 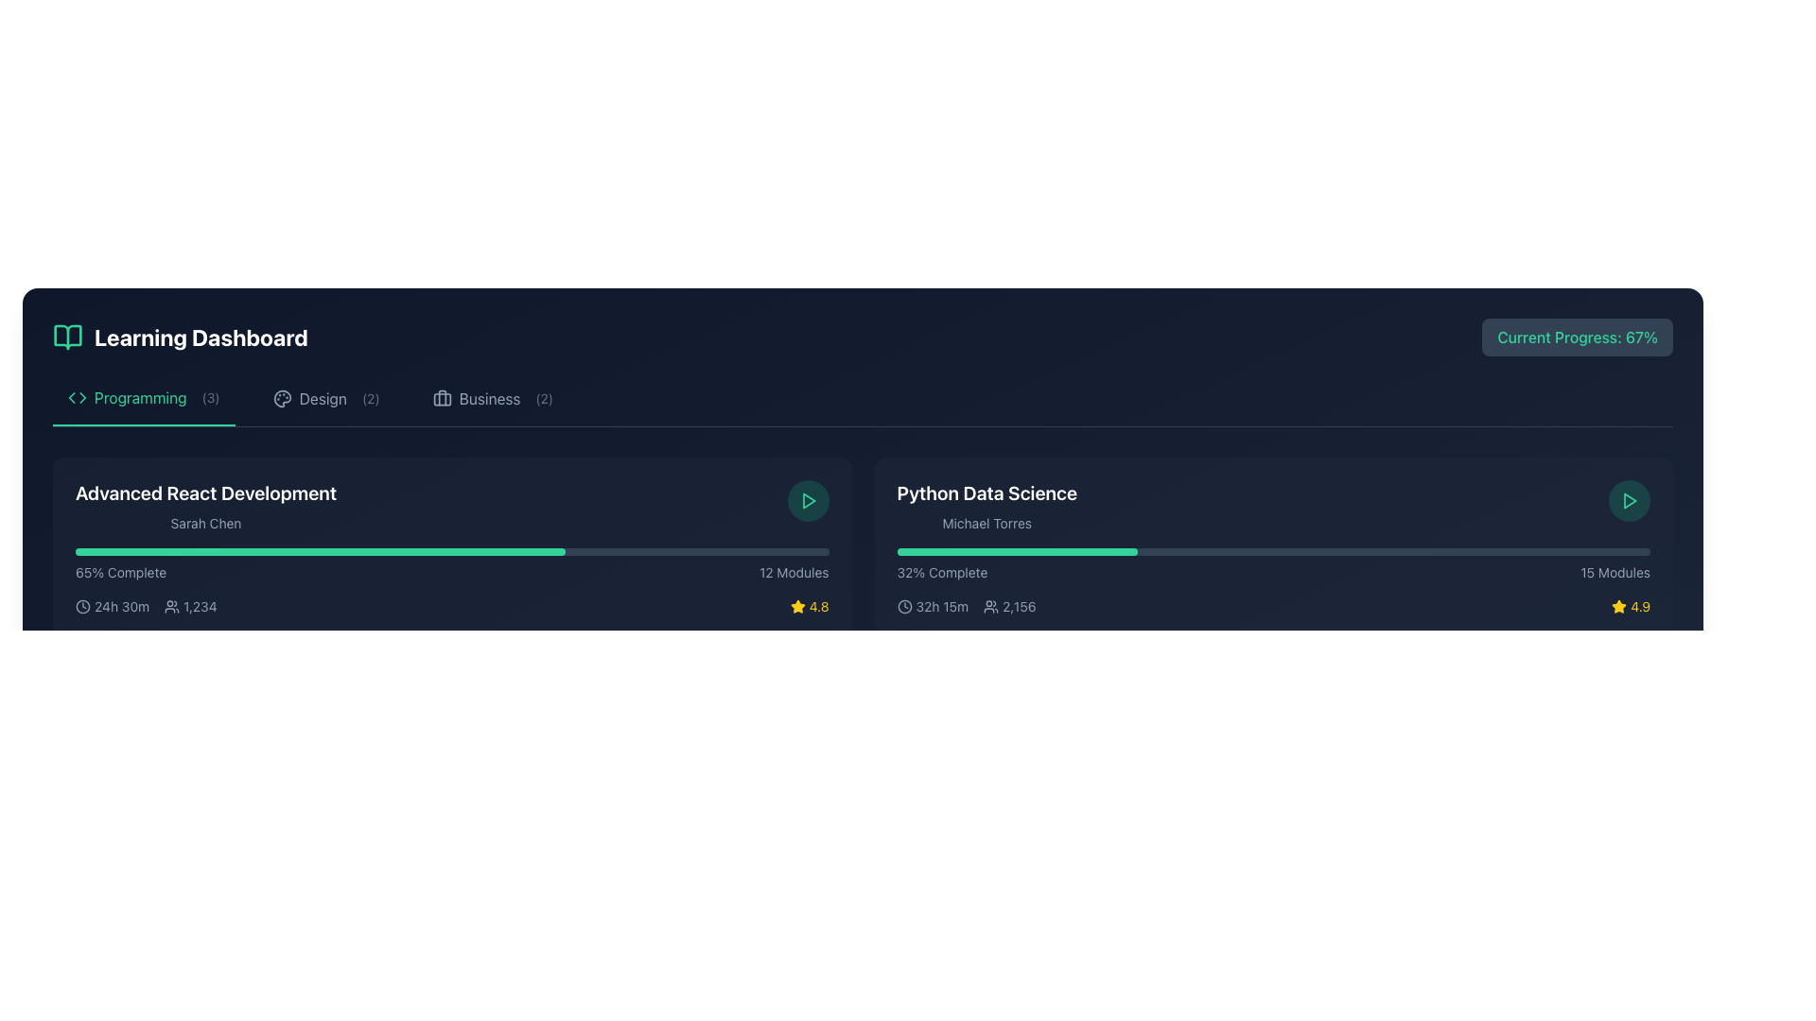 What do you see at coordinates (986, 524) in the screenshot?
I see `the static text label displaying the name 'Michael Torres' in light gray font, located below the title 'Python Data Science' and above the progress and details row` at bounding box center [986, 524].